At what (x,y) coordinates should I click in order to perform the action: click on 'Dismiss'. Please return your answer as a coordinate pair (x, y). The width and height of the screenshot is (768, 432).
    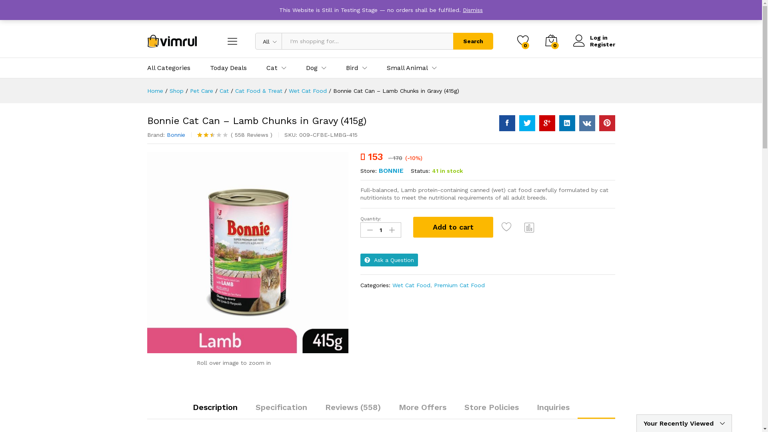
    Looking at the image, I should click on (472, 10).